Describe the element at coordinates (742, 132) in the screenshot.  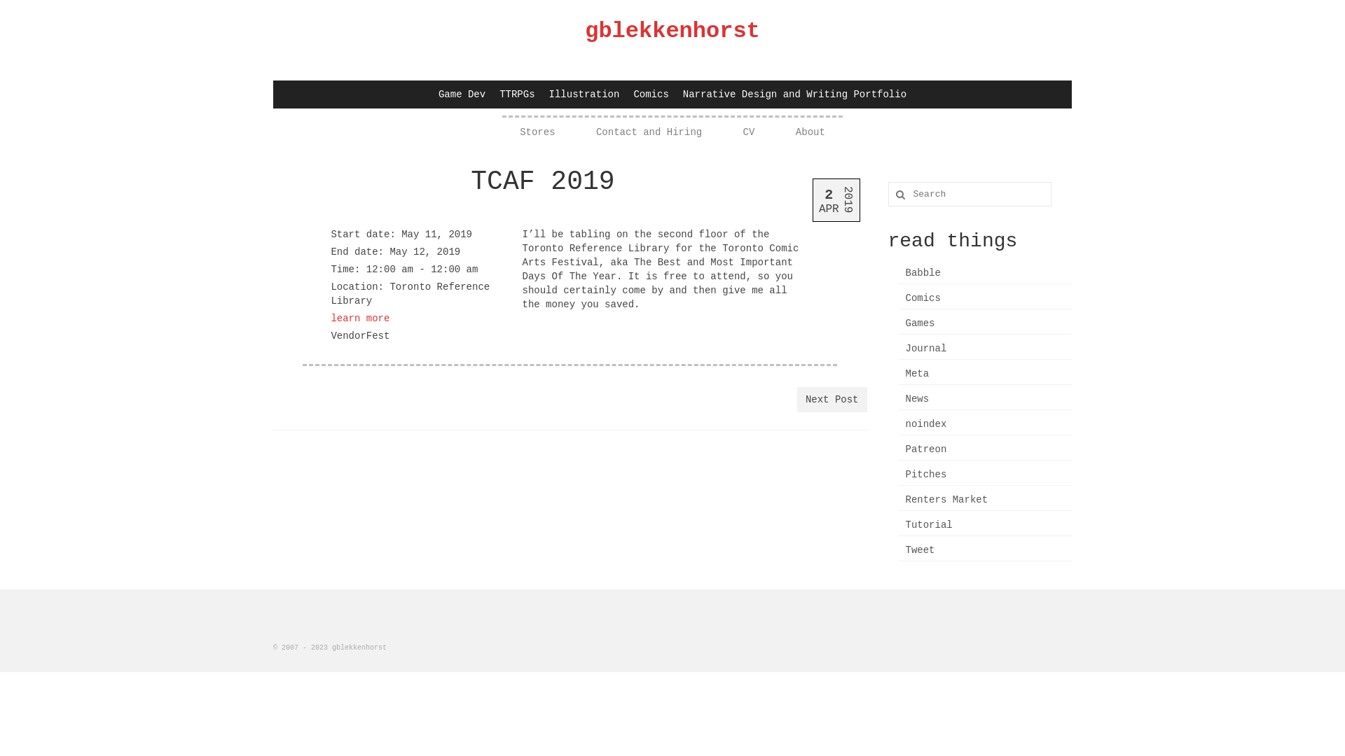
I see `'CV'` at that location.